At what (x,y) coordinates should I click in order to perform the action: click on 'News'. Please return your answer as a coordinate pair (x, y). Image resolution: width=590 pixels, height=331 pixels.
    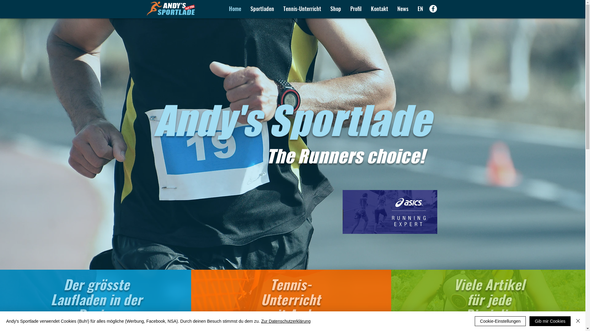
    Looking at the image, I should click on (403, 9).